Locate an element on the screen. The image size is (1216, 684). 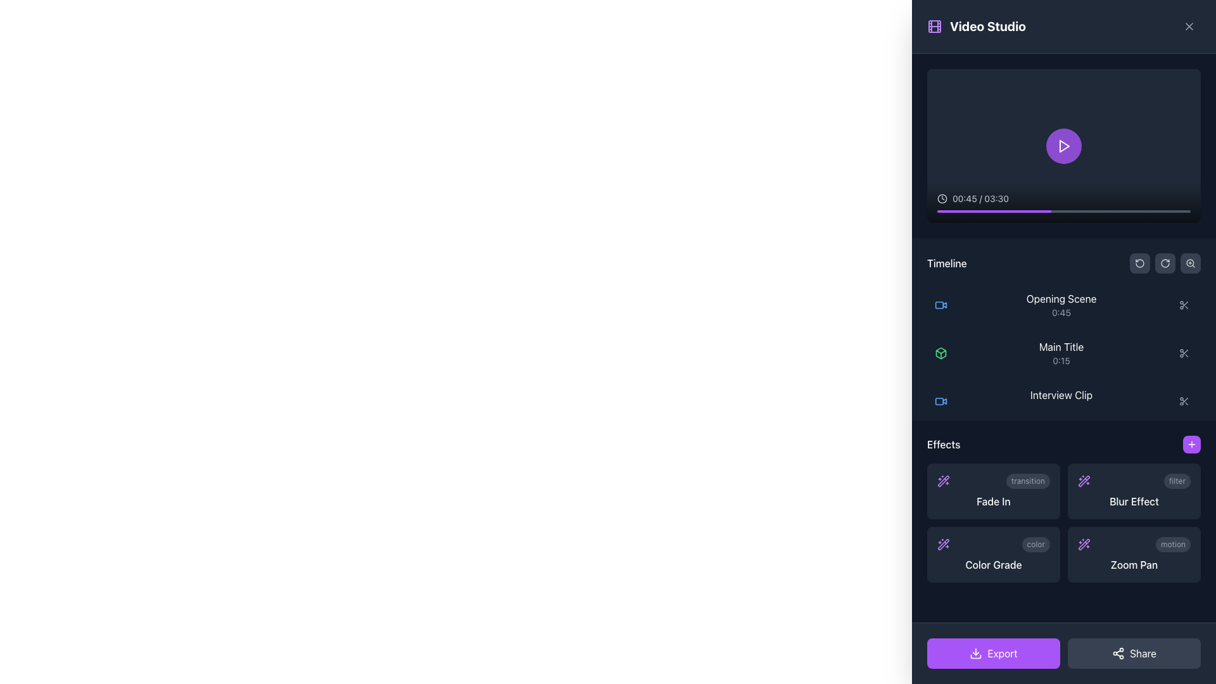
the Card button labeled 'Blur Effect' is located at coordinates (1134, 490).